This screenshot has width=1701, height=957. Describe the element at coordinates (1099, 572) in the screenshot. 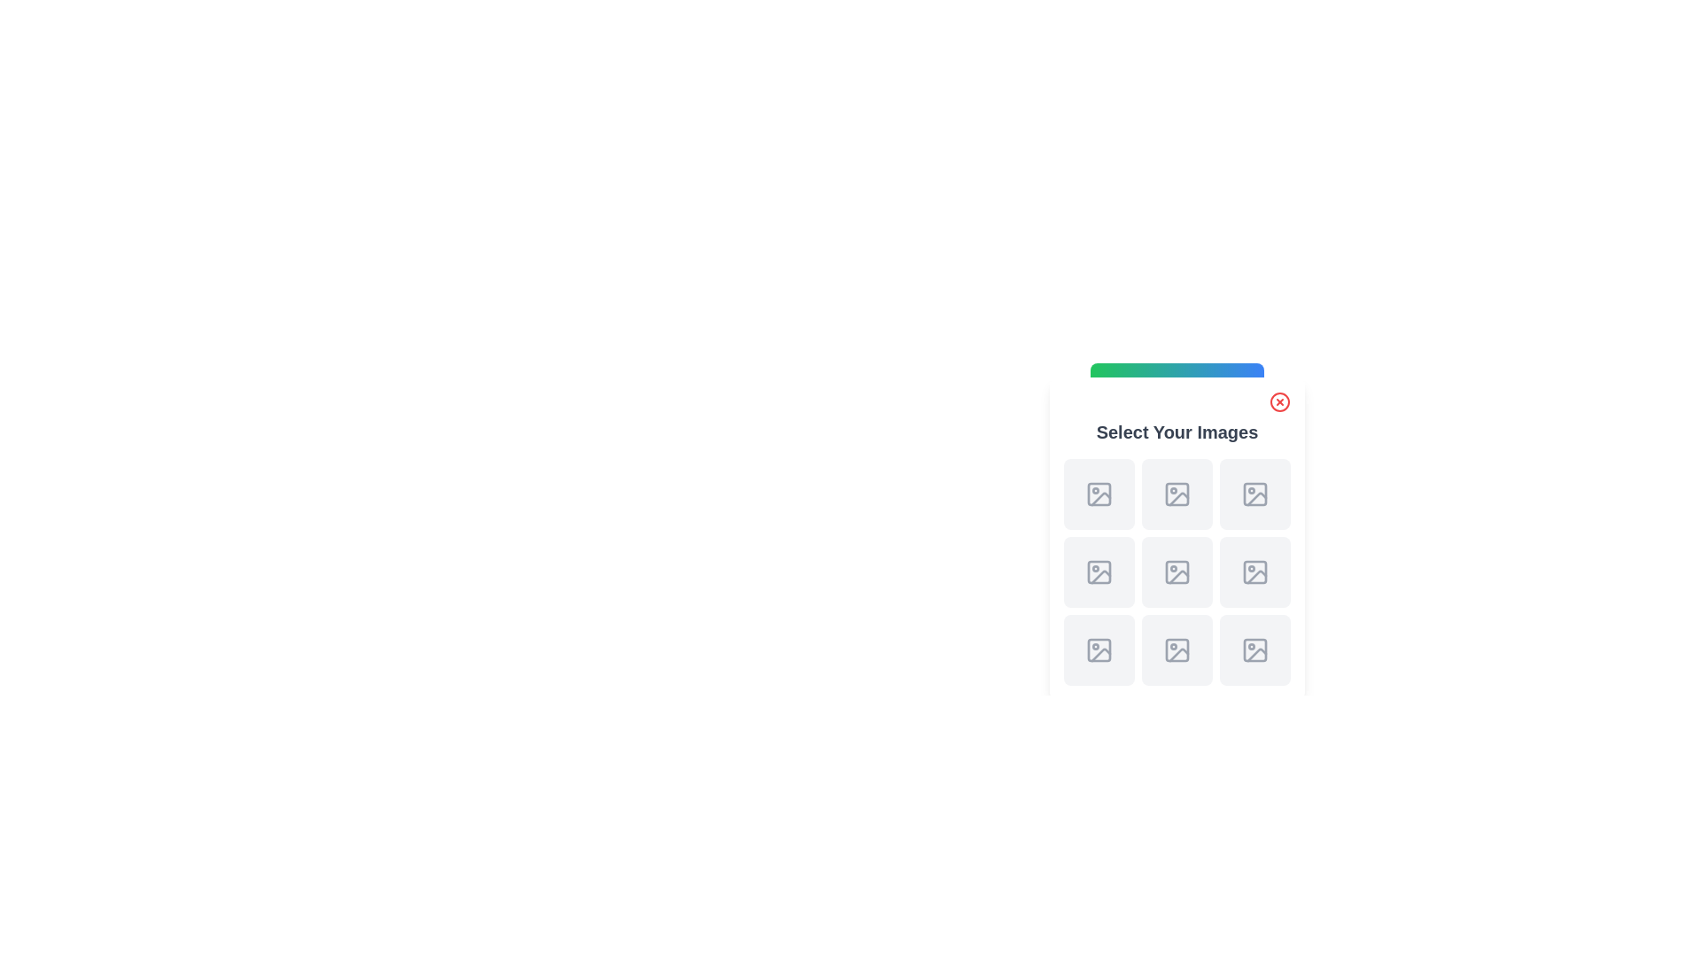

I see `the interactive element` at that location.